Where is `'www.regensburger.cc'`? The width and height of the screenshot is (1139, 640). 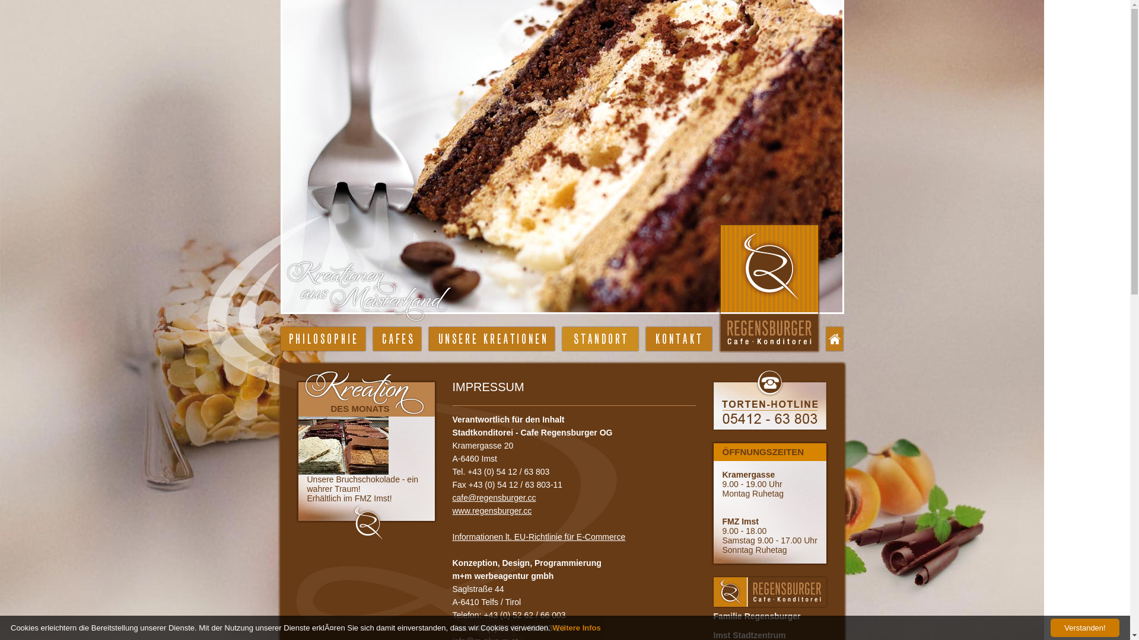 'www.regensburger.cc' is located at coordinates (451, 510).